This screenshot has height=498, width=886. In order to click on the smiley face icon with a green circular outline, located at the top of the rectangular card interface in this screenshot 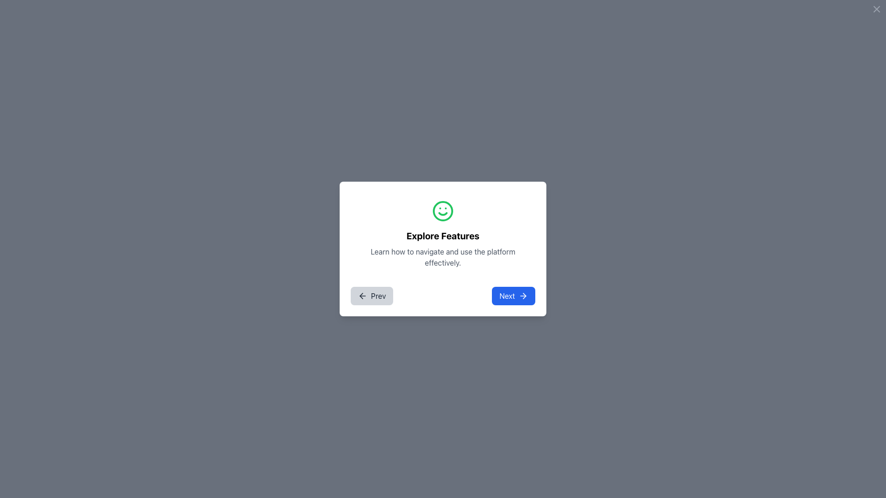, I will do `click(443, 211)`.